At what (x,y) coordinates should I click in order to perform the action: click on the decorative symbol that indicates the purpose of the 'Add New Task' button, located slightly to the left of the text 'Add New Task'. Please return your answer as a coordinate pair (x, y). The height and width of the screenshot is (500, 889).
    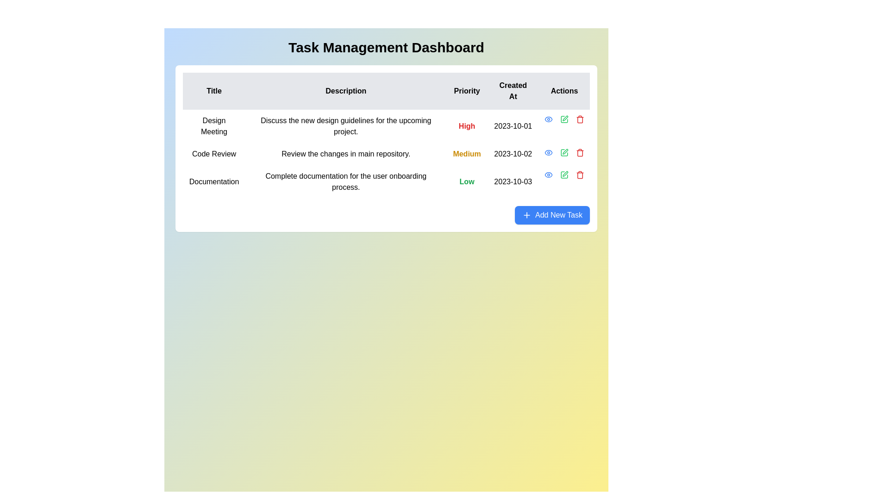
    Looking at the image, I should click on (526, 215).